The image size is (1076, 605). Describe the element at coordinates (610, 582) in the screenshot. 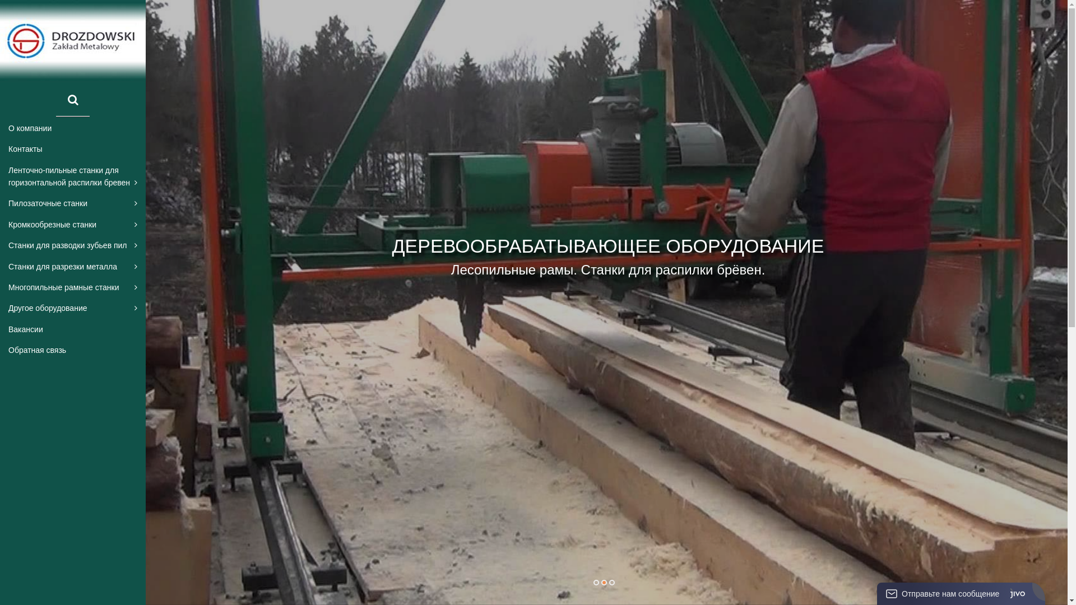

I see `'3'` at that location.